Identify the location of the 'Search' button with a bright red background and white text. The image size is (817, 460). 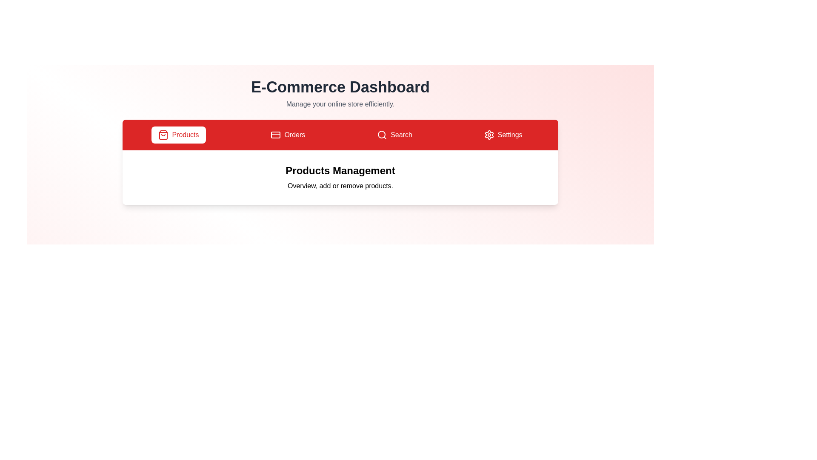
(394, 134).